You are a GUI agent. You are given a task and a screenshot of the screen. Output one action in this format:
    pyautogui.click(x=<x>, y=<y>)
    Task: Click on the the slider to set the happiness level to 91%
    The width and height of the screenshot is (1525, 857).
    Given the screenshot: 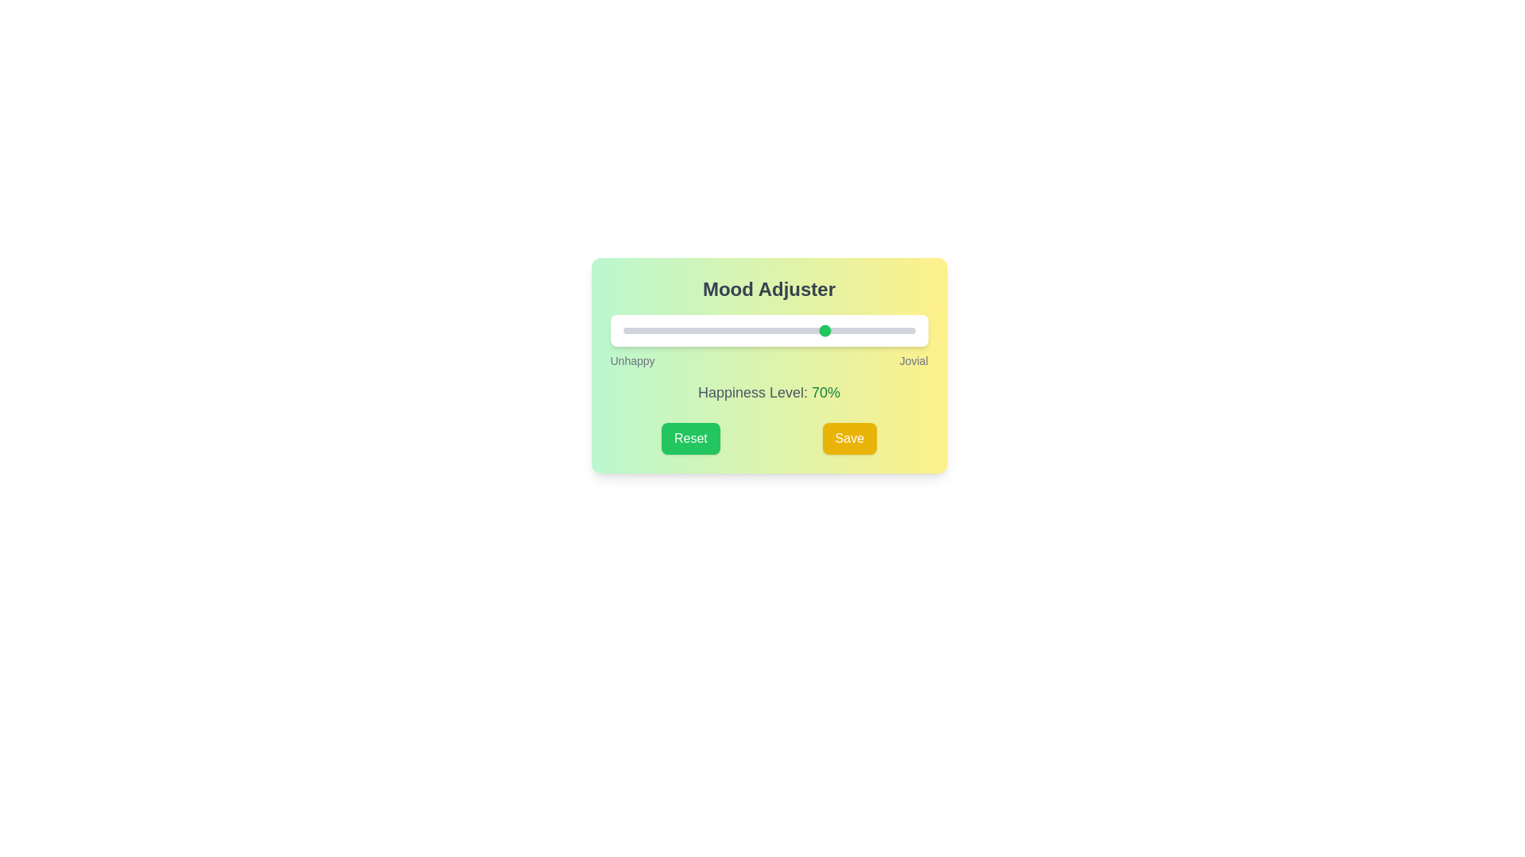 What is the action you would take?
    pyautogui.click(x=888, y=329)
    